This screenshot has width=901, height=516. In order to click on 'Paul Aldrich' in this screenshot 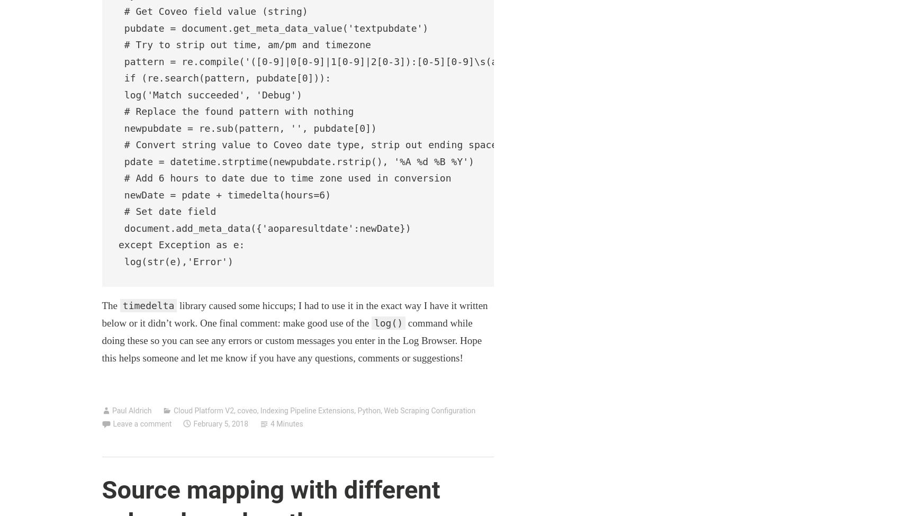, I will do `click(131, 410)`.